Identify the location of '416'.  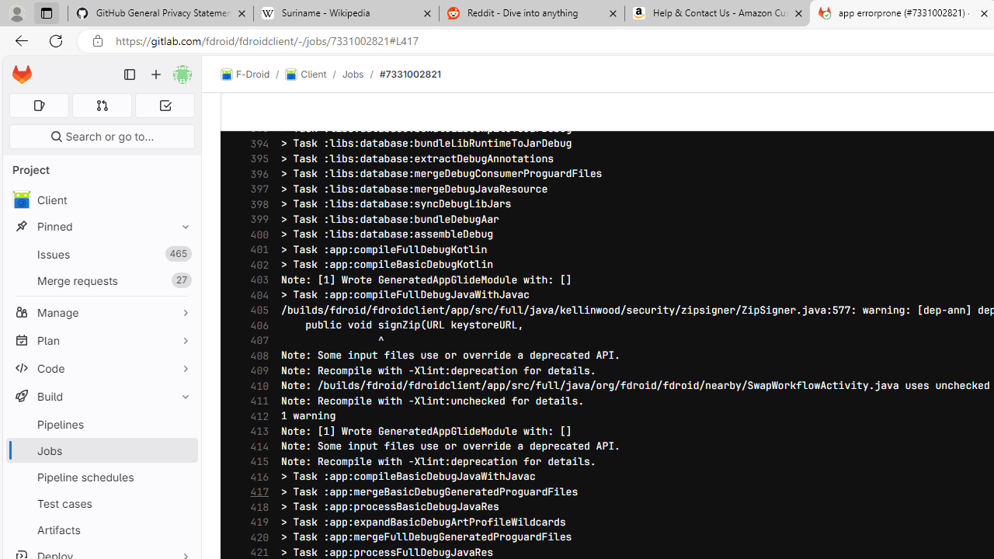
(255, 476).